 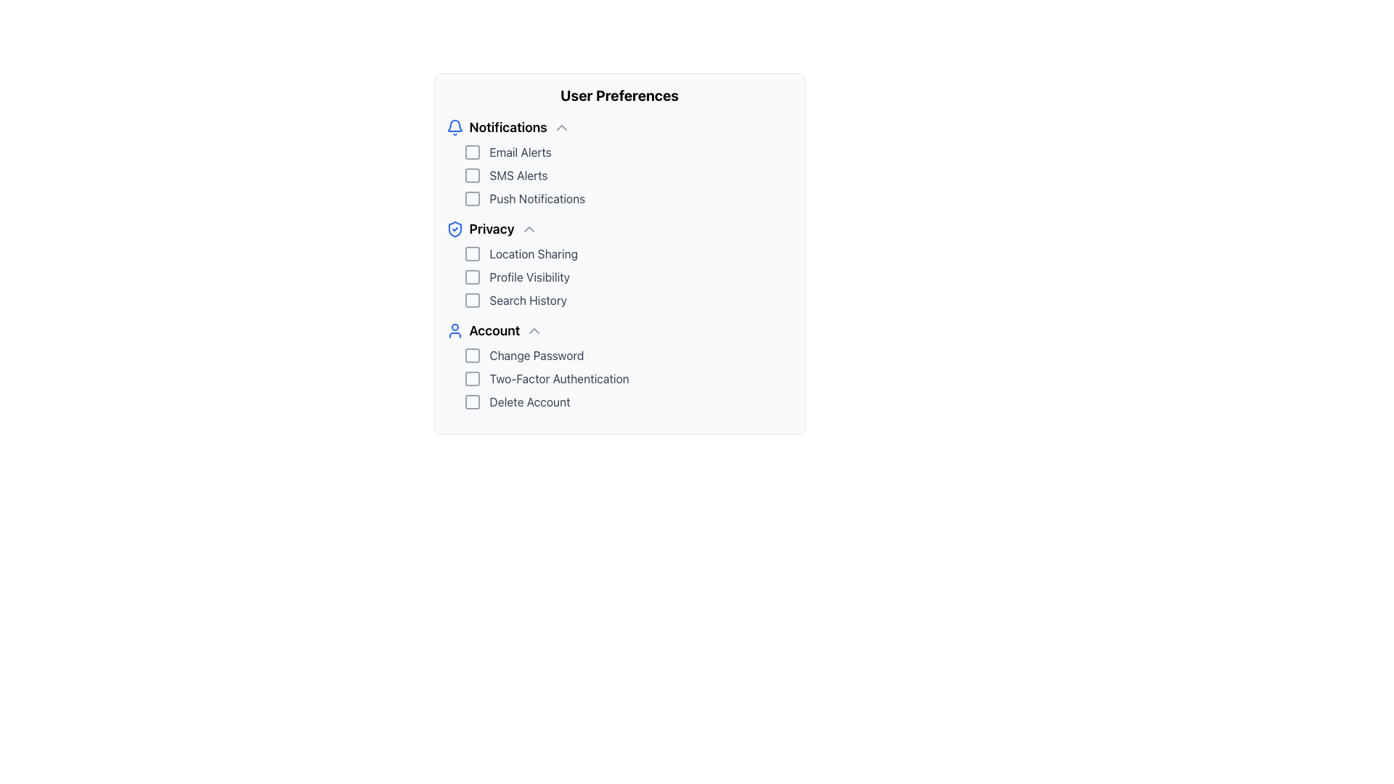 What do you see at coordinates (472, 355) in the screenshot?
I see `the checkbox/icon for 'Change Password' located under the 'Account' section of the 'User Preferences' interface` at bounding box center [472, 355].